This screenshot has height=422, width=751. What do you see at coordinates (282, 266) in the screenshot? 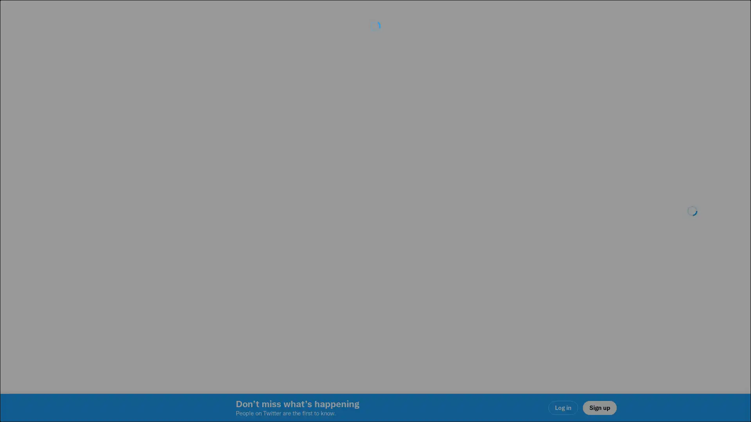
I see `Sign up` at bounding box center [282, 266].